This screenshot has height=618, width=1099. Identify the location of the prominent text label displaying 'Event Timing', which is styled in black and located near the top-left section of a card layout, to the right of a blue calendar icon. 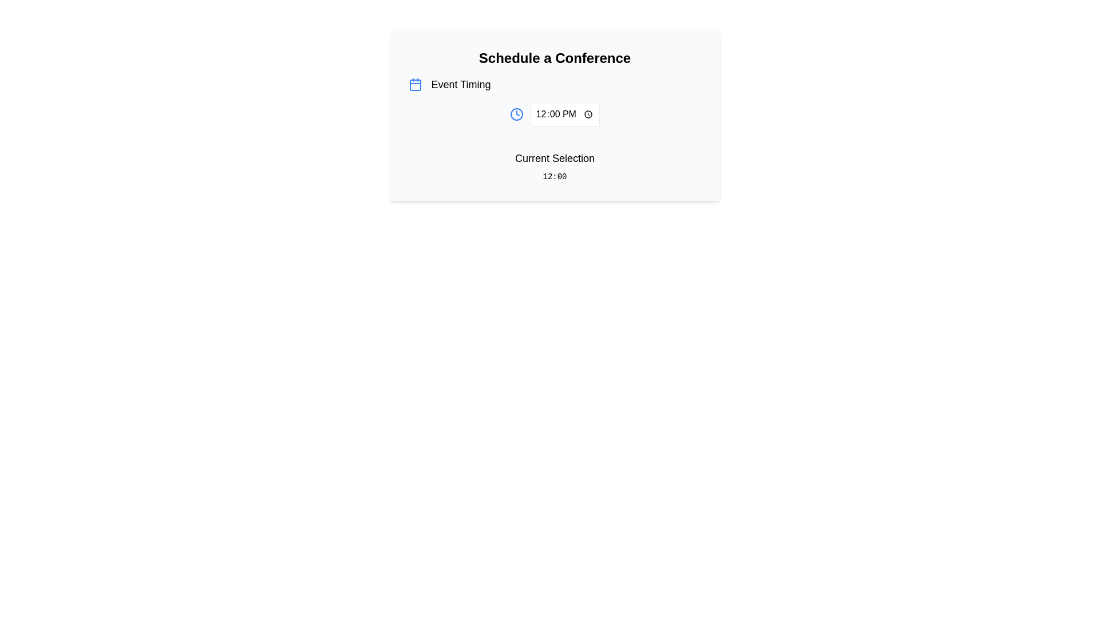
(461, 84).